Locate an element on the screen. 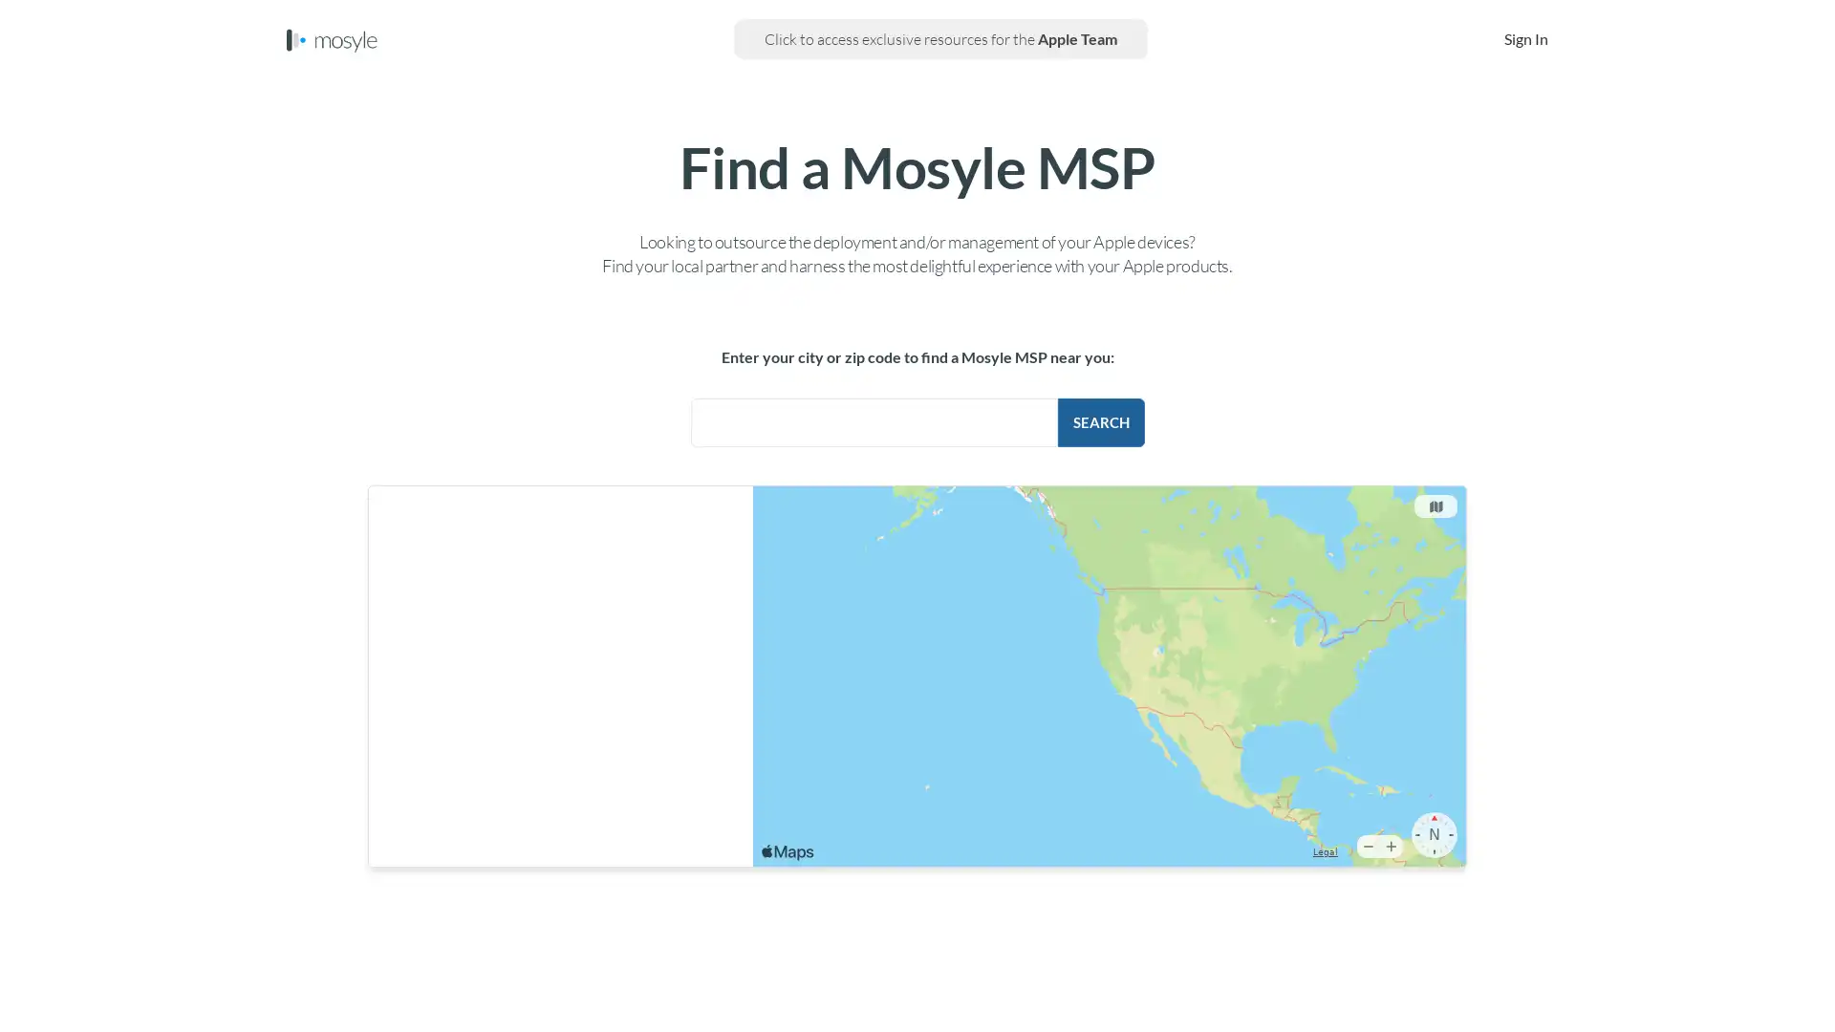 The width and height of the screenshot is (1835, 1032). Zoom Out is located at coordinates (1366, 846).